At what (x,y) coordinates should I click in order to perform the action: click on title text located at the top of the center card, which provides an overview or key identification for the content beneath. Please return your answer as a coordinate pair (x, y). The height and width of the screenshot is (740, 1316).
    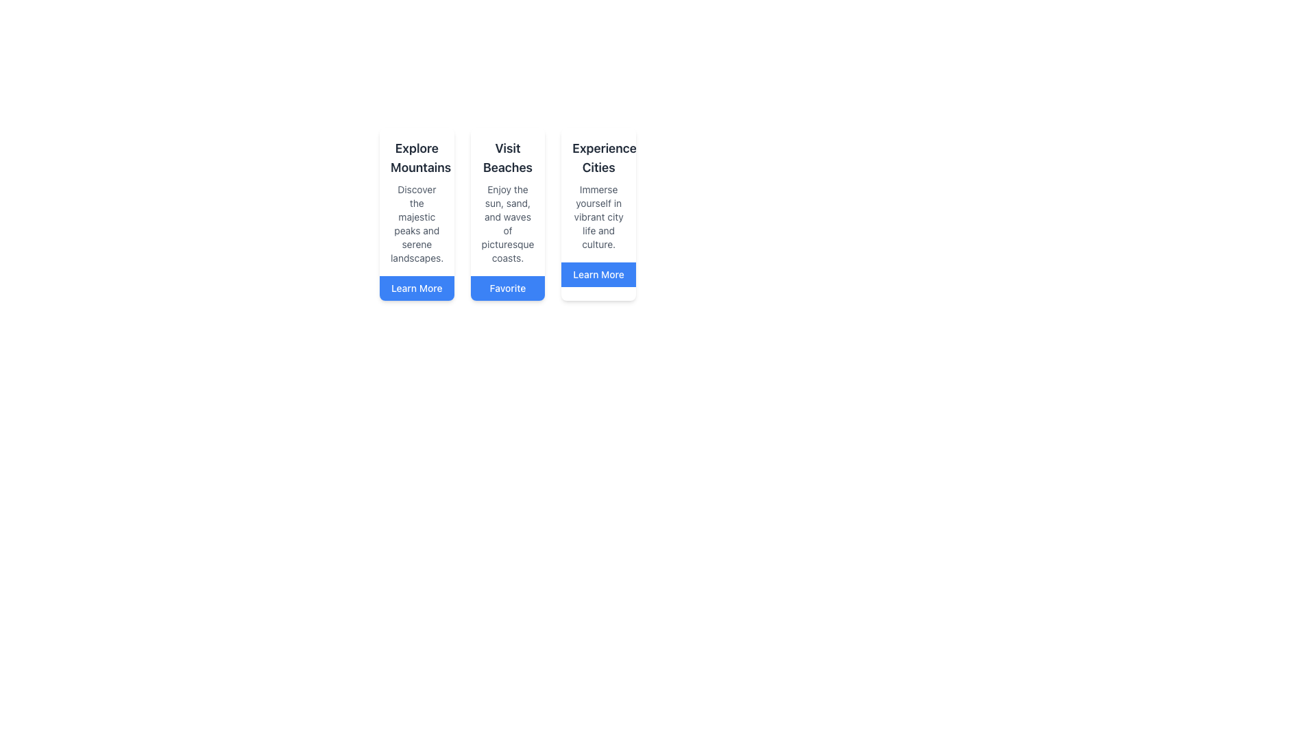
    Looking at the image, I should click on (507, 158).